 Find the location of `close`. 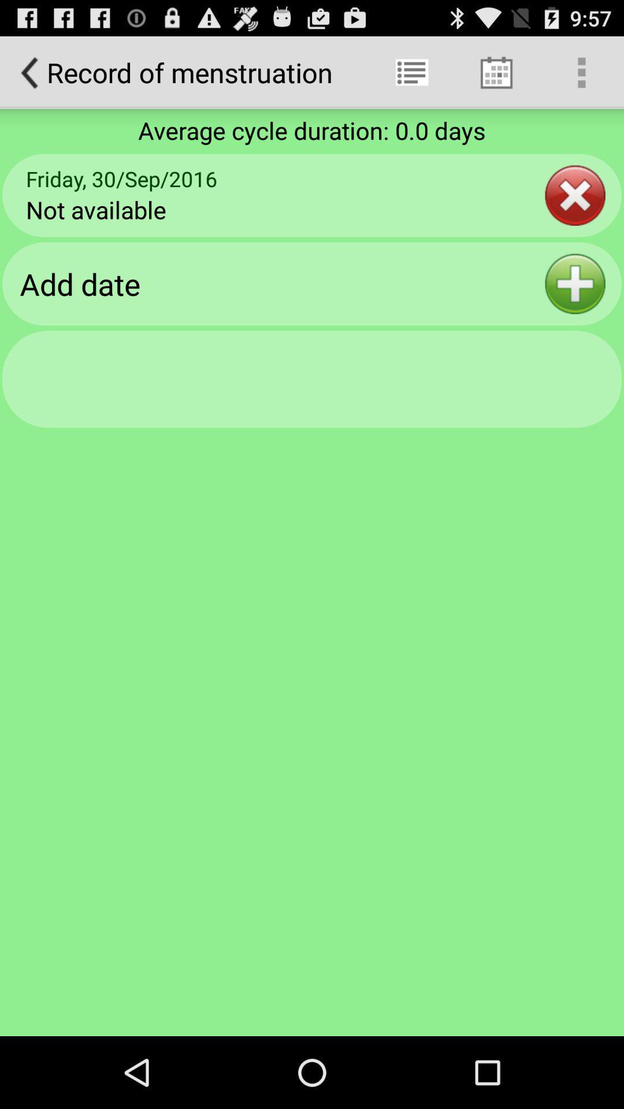

close is located at coordinates (575, 195).